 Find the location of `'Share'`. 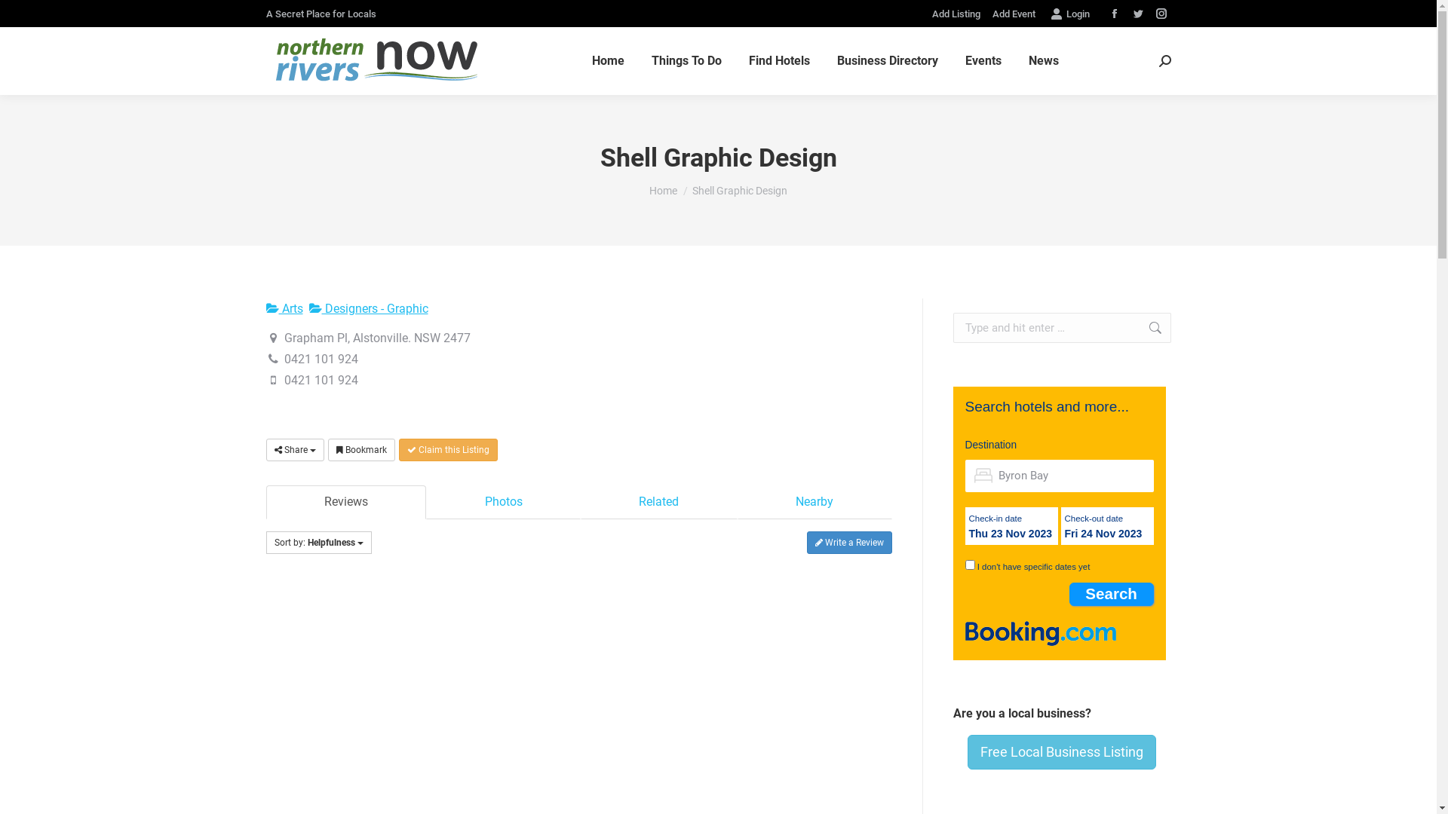

'Share' is located at coordinates (294, 449).